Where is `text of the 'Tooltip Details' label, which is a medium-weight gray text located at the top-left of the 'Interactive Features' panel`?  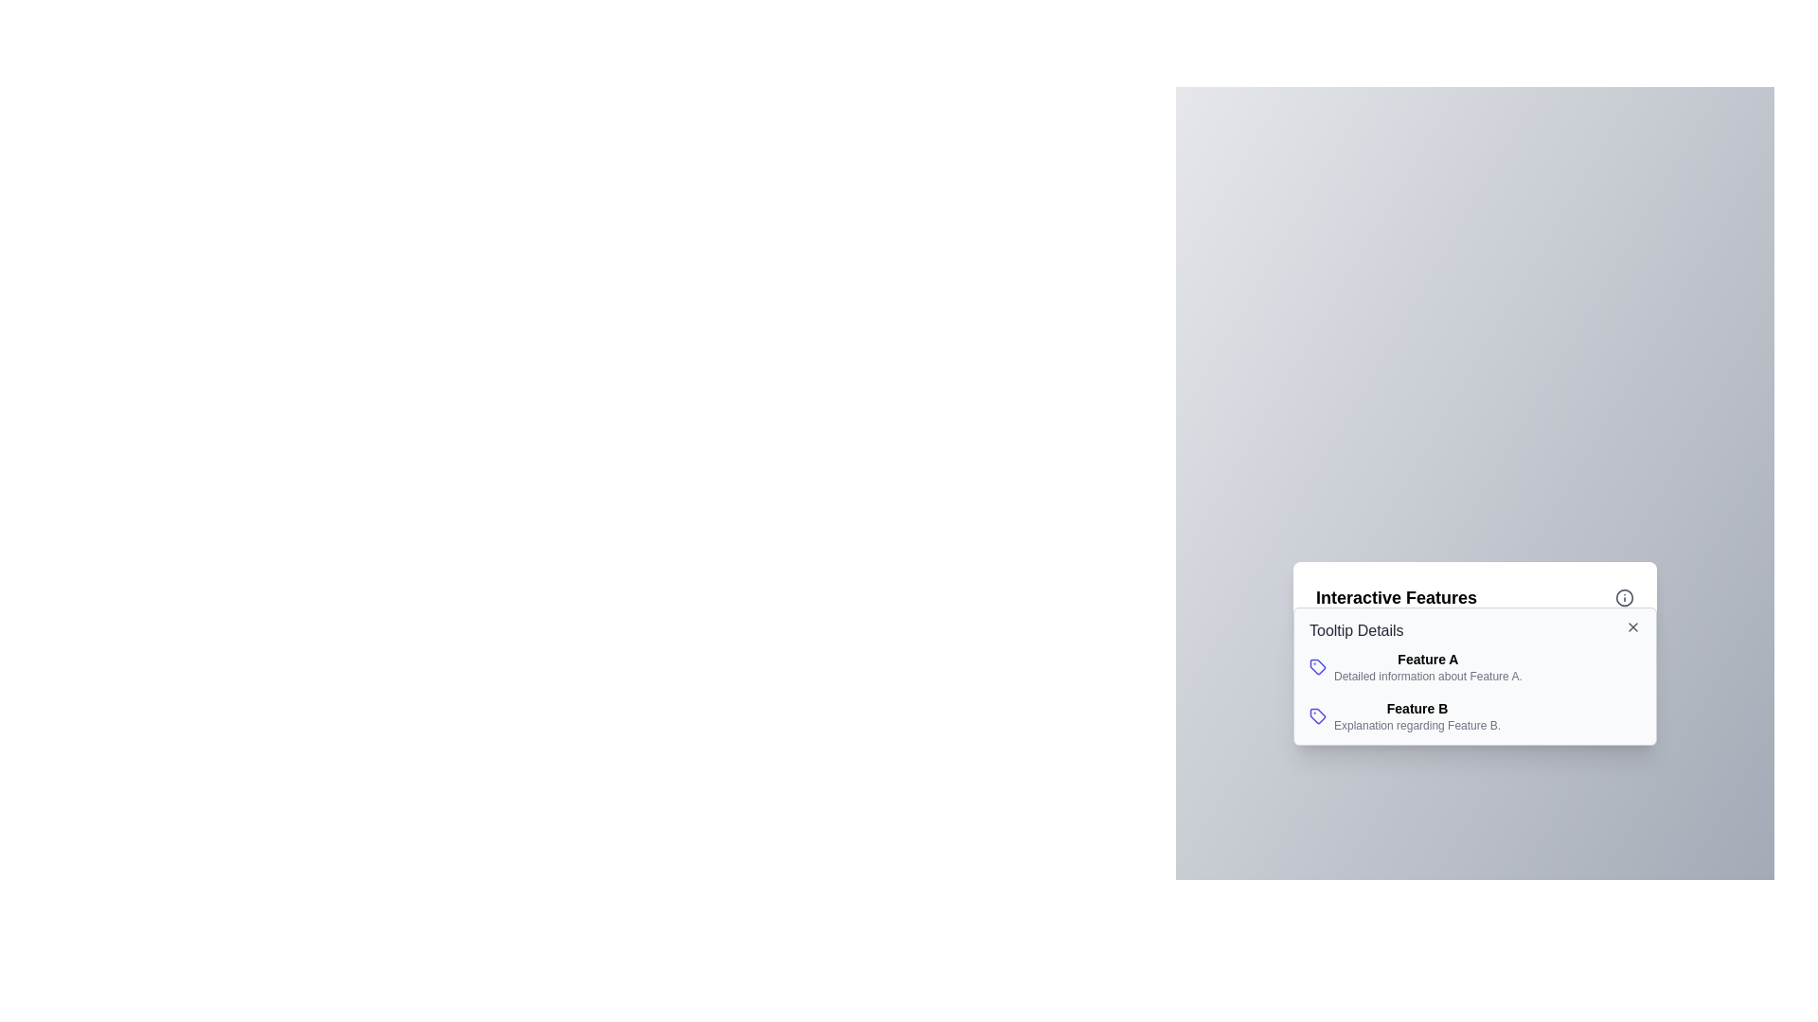
text of the 'Tooltip Details' label, which is a medium-weight gray text located at the top-left of the 'Interactive Features' panel is located at coordinates (1355, 631).